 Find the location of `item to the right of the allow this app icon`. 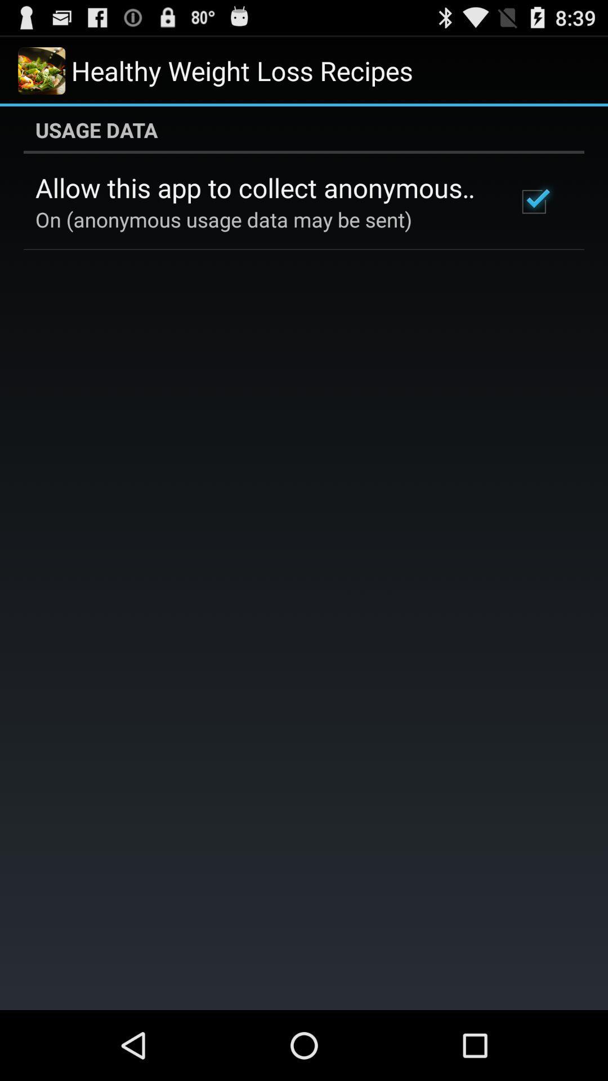

item to the right of the allow this app icon is located at coordinates (533, 202).